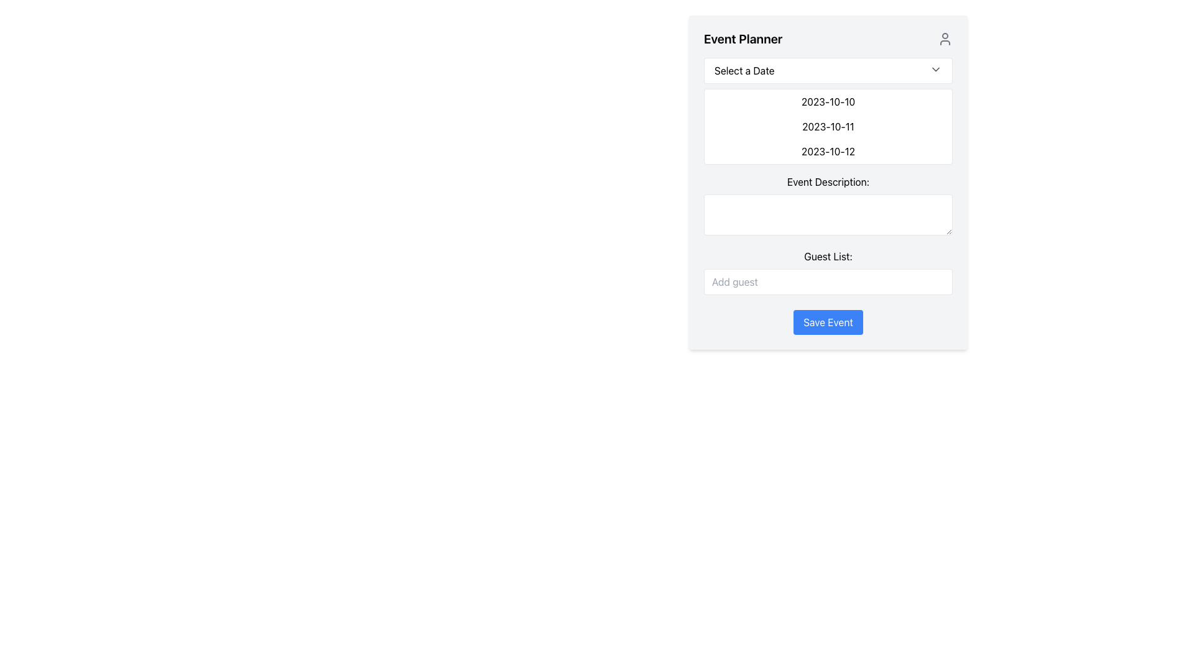 The width and height of the screenshot is (1194, 671). What do you see at coordinates (828, 127) in the screenshot?
I see `the second selectable date option in the event planning interface, located below the 'Event Planner' title and the 'Select a Date' dropdown` at bounding box center [828, 127].